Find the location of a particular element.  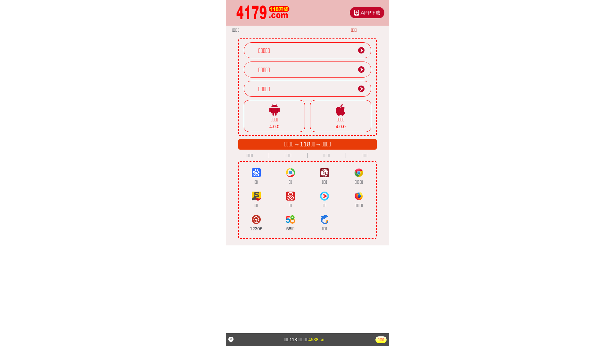

'12306' is located at coordinates (256, 223).